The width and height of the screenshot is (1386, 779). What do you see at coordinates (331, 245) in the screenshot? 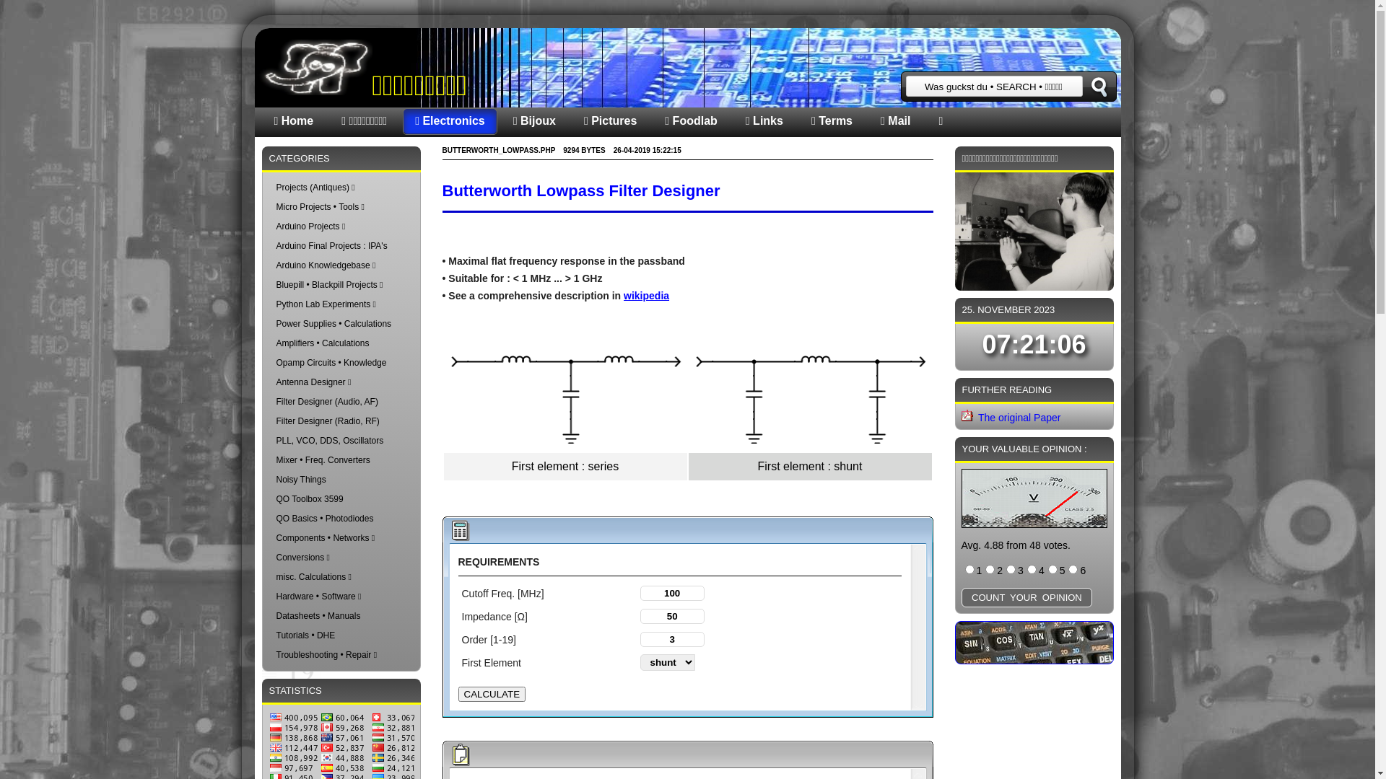
I see `'Arduino Final Projects : IPA's'` at bounding box center [331, 245].